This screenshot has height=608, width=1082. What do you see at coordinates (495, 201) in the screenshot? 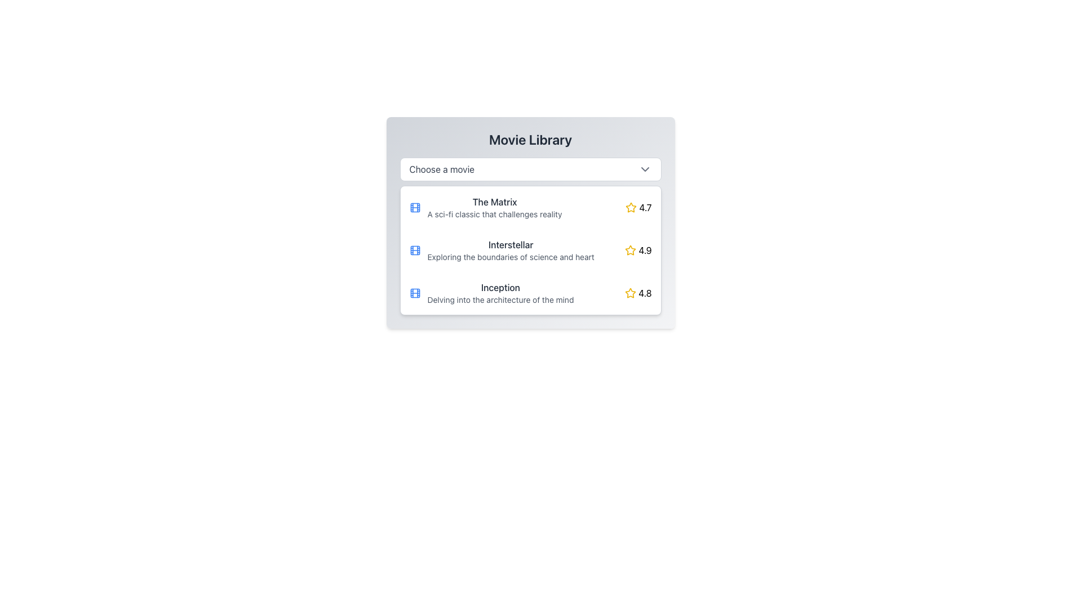
I see `text label 'The Matrix' located in the movie selection area, positioned above its description` at bounding box center [495, 201].